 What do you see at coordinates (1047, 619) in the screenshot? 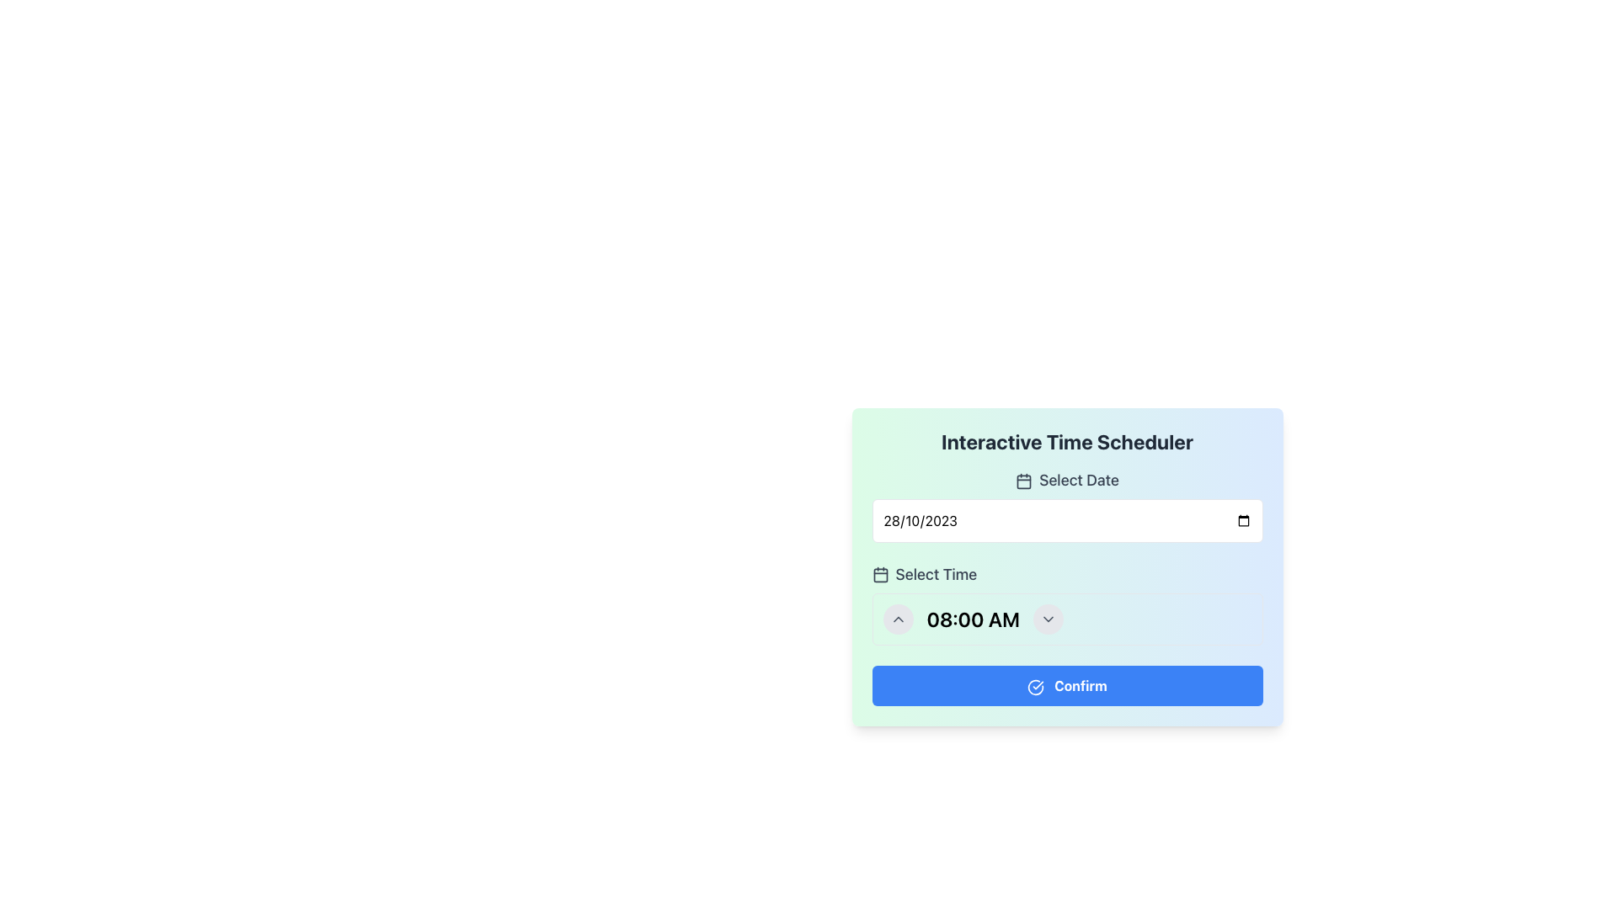
I see `the downward-facing chevron icon, which is styled in a thin and modern line design and is located within the button to decrease the hour in the time selection interface` at bounding box center [1047, 619].